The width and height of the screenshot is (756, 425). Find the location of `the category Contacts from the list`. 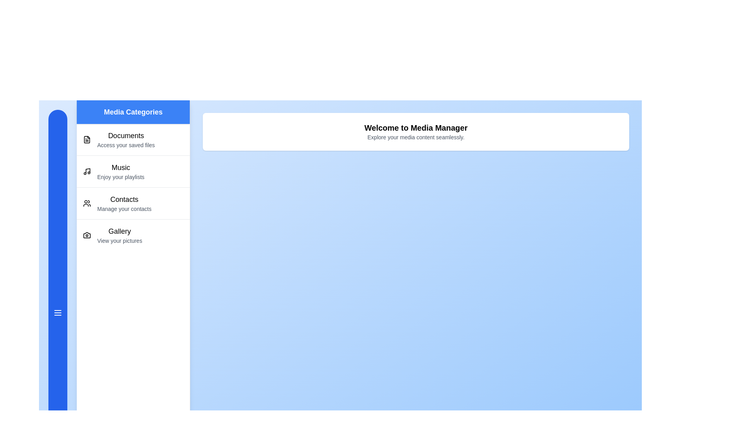

the category Contacts from the list is located at coordinates (133, 203).